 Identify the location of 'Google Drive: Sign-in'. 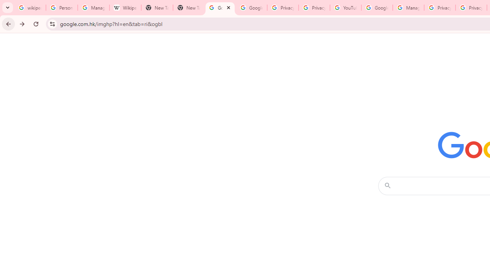
(251, 8).